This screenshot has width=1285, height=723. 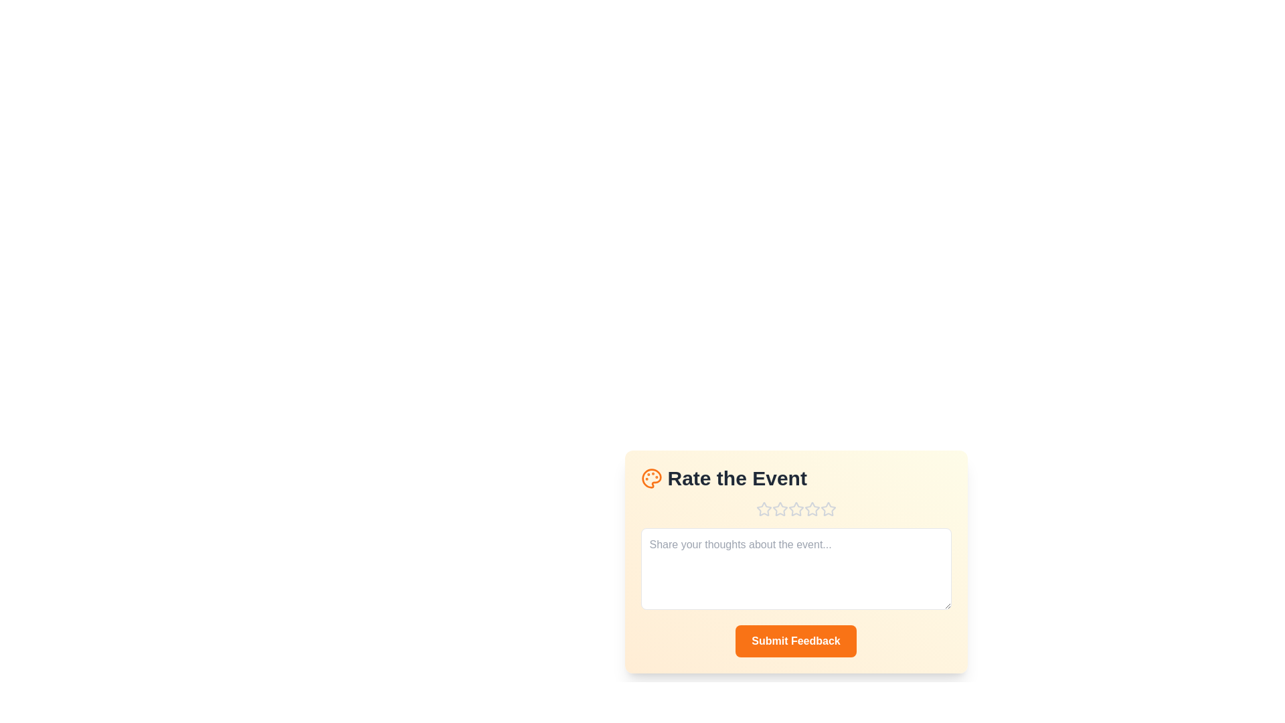 What do you see at coordinates (796, 509) in the screenshot?
I see `the star corresponding to the desired rating 3 to set the rating` at bounding box center [796, 509].